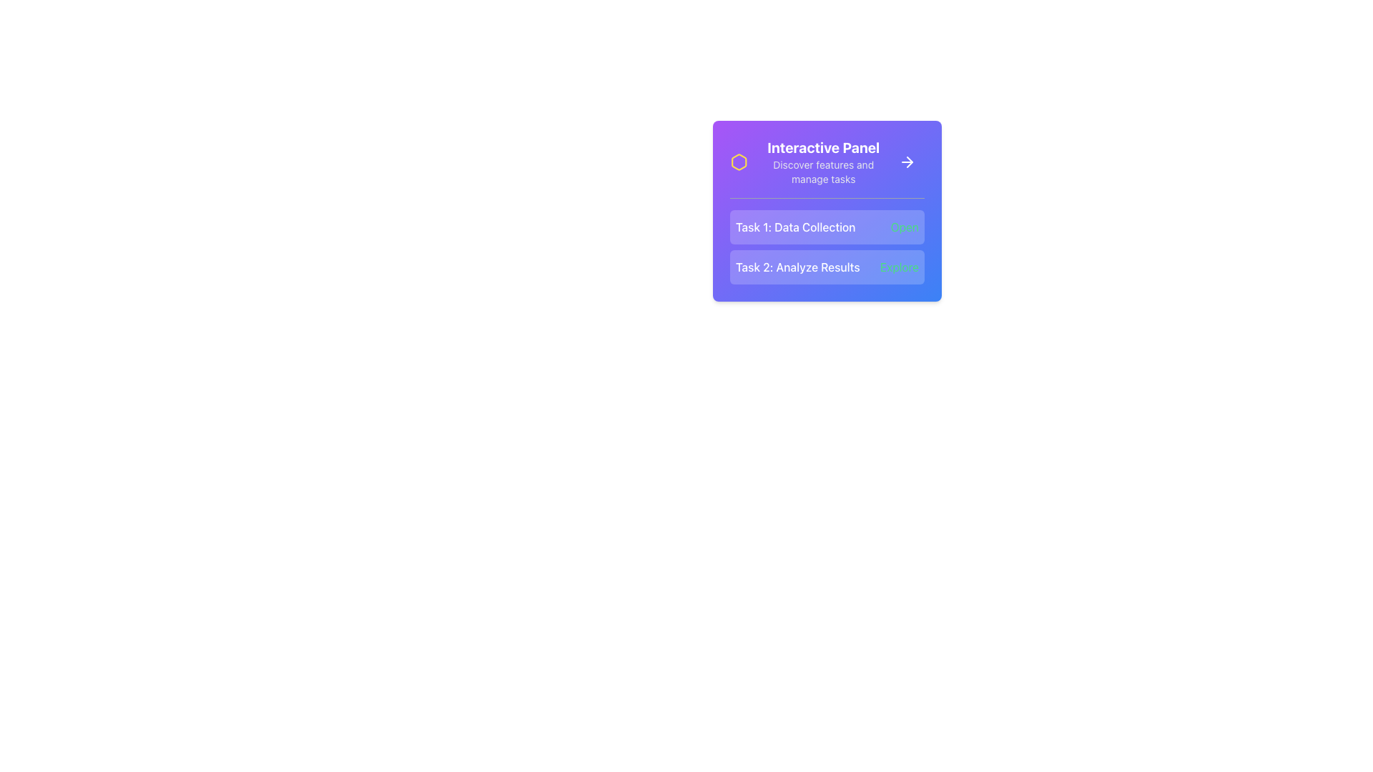 Image resolution: width=1373 pixels, height=772 pixels. What do you see at coordinates (827, 198) in the screenshot?
I see `the thin horizontal separator line with a gray border, located below the 'Discover features and manage tasks' section and above 'Task 1: Data Collection'` at bounding box center [827, 198].